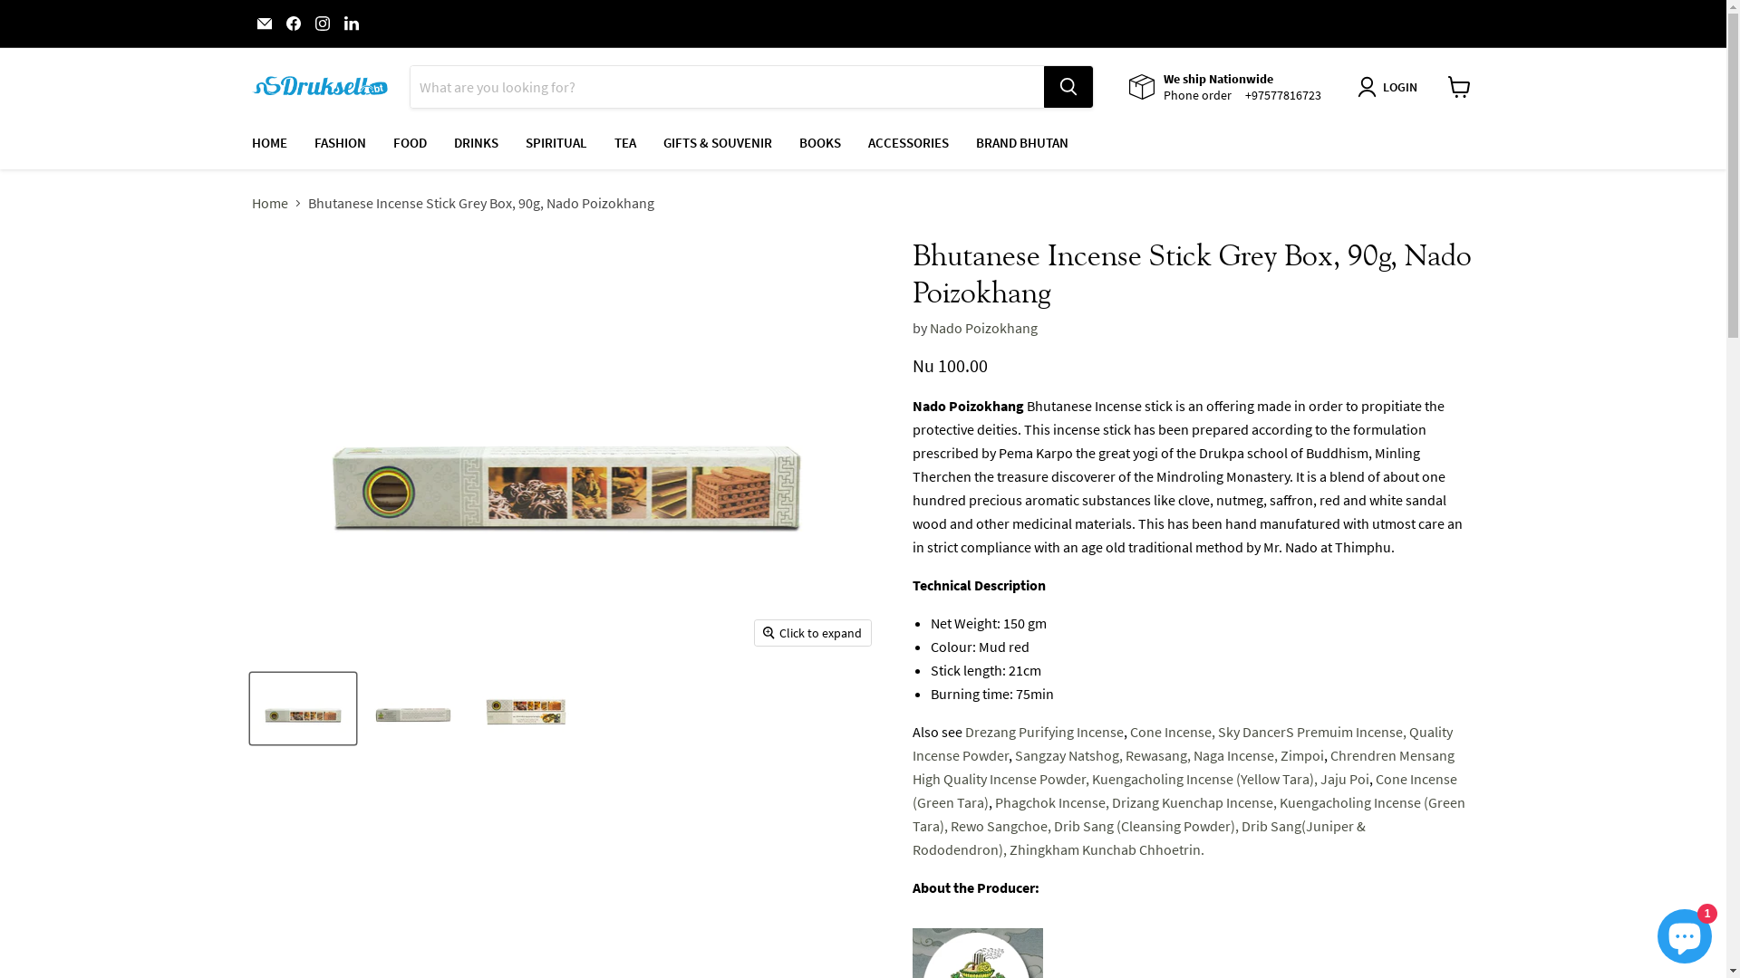 This screenshot has height=978, width=1740. I want to click on 'FOOD', so click(408, 142).